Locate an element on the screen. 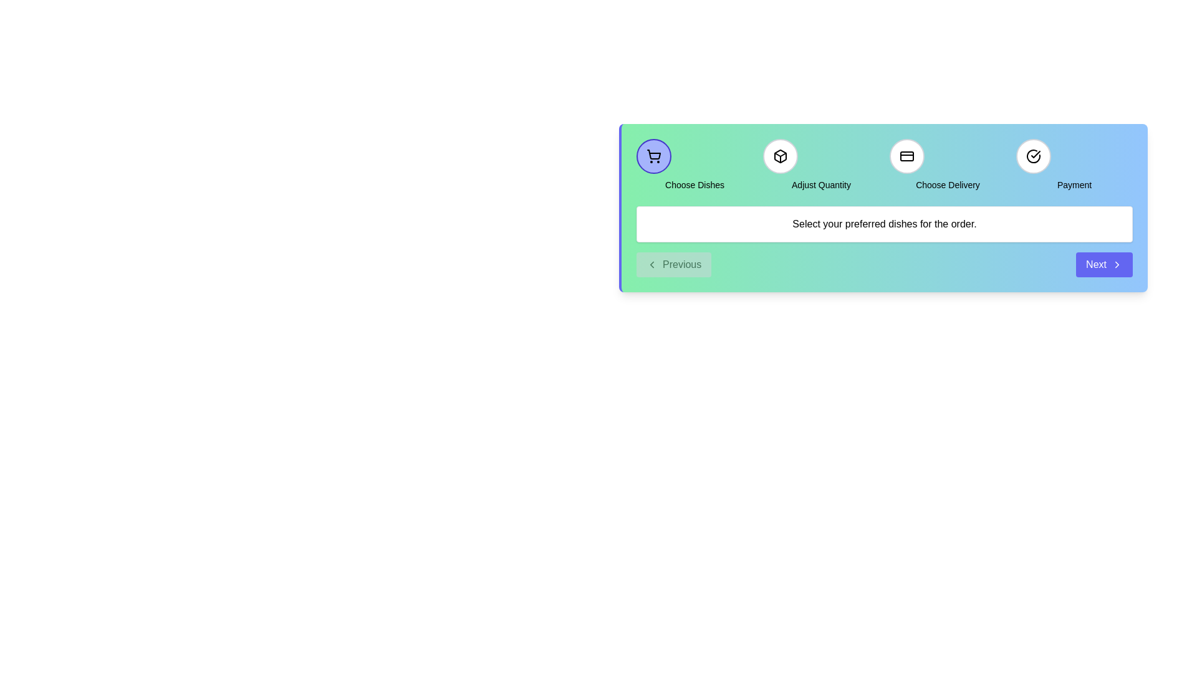  the appearance of the main basket of the shopping cart icon, which is located in the first icon on the left side of the interface labeled 'Choose Dishes' is located at coordinates (653, 154).